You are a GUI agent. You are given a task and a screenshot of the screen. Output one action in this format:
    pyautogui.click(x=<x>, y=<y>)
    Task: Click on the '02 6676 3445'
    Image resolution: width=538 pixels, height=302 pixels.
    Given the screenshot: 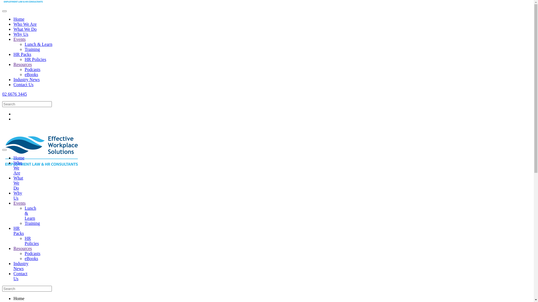 What is the action you would take?
    pyautogui.click(x=15, y=94)
    